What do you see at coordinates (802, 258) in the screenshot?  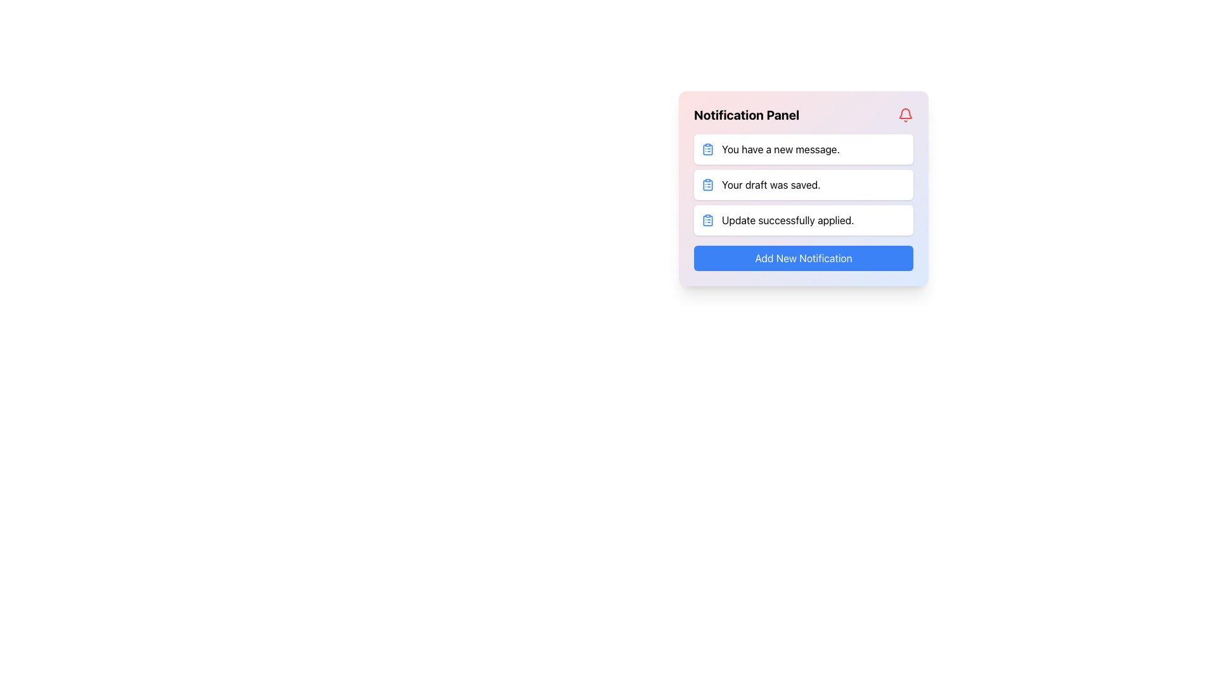 I see `the 'Add New Notification' button, which is a rectangular button with a blue background and white text, located at the bottom of the Notification Panel` at bounding box center [802, 258].